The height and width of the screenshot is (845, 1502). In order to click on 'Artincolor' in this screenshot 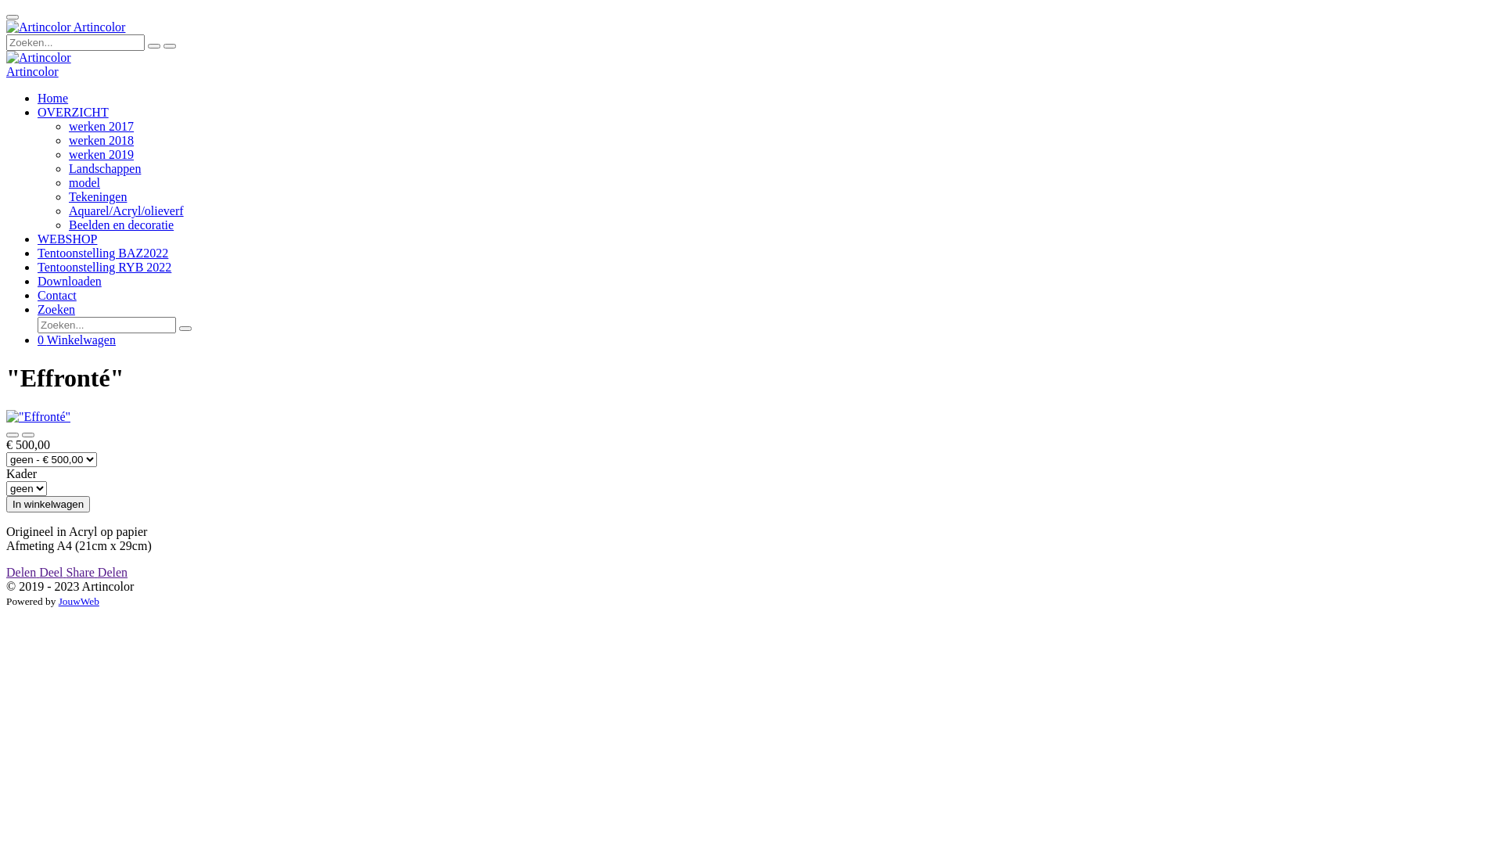, I will do `click(32, 71)`.